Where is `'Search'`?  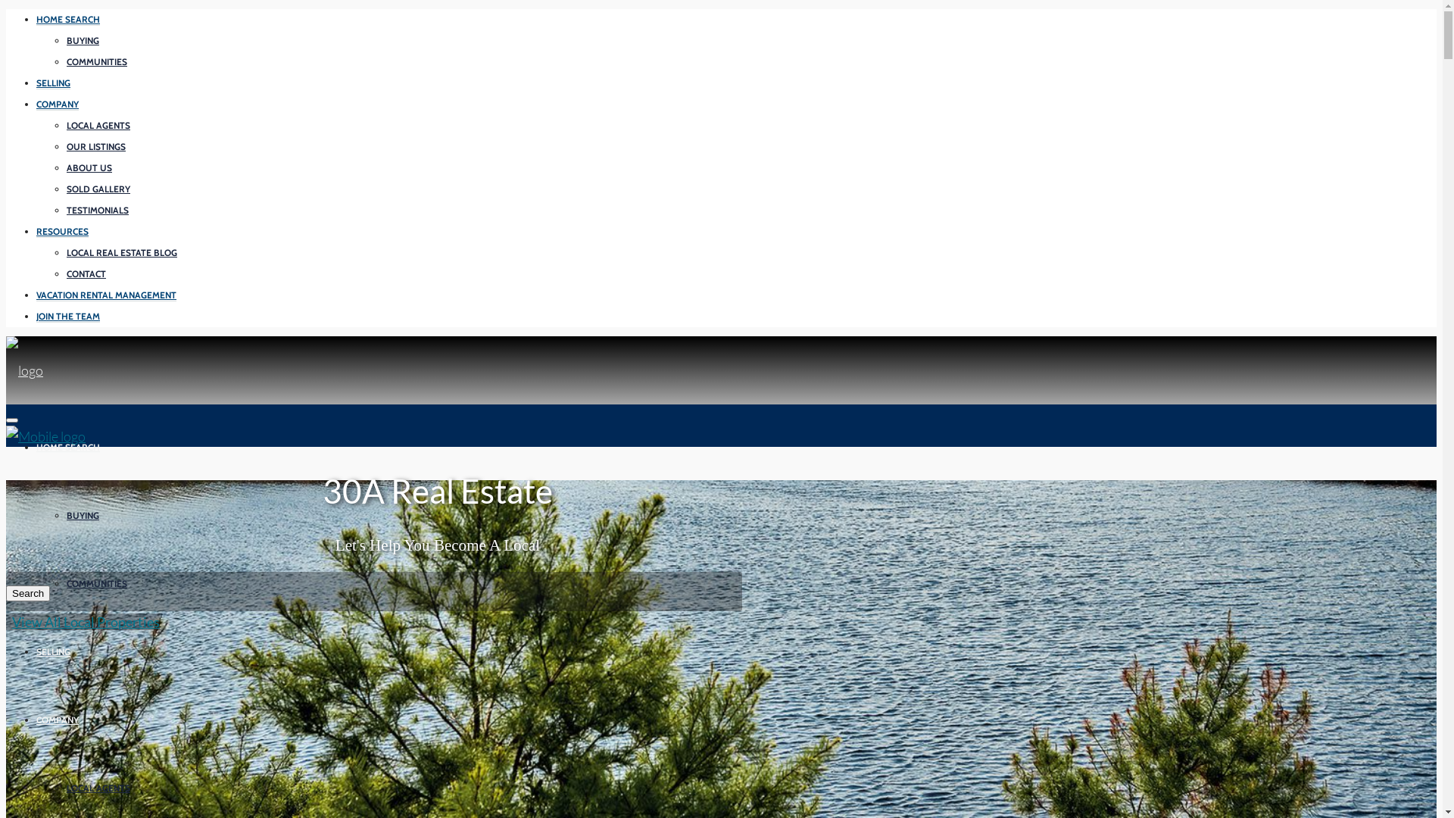 'Search' is located at coordinates (28, 592).